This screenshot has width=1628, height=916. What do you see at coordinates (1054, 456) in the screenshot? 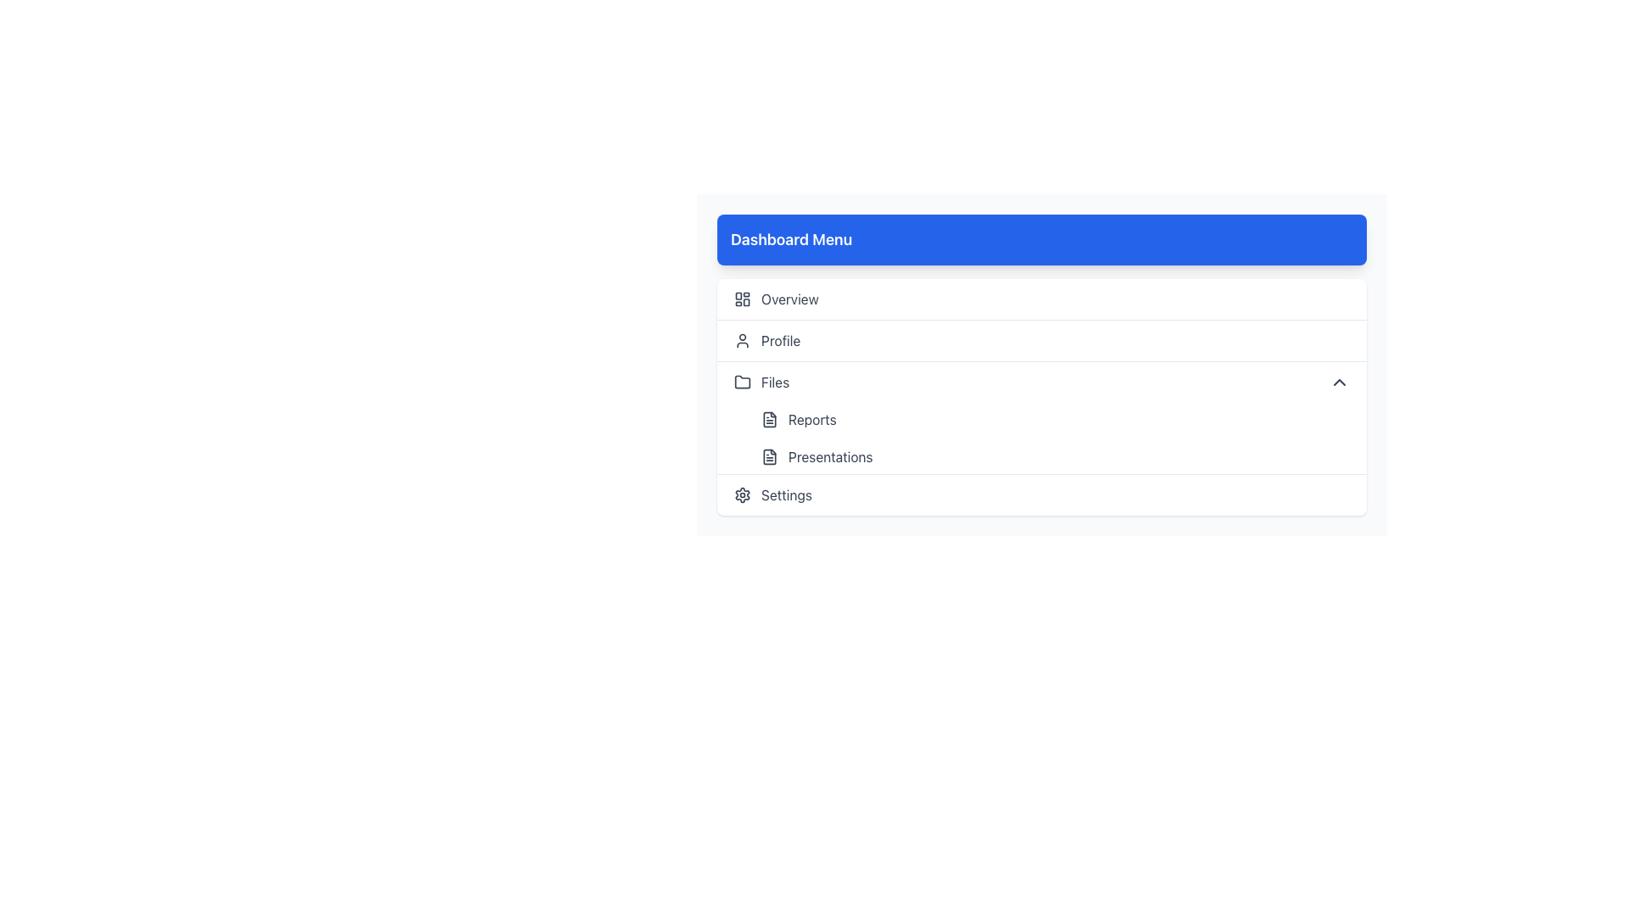
I see `the 'Presentations' menu item in the Files section` at bounding box center [1054, 456].